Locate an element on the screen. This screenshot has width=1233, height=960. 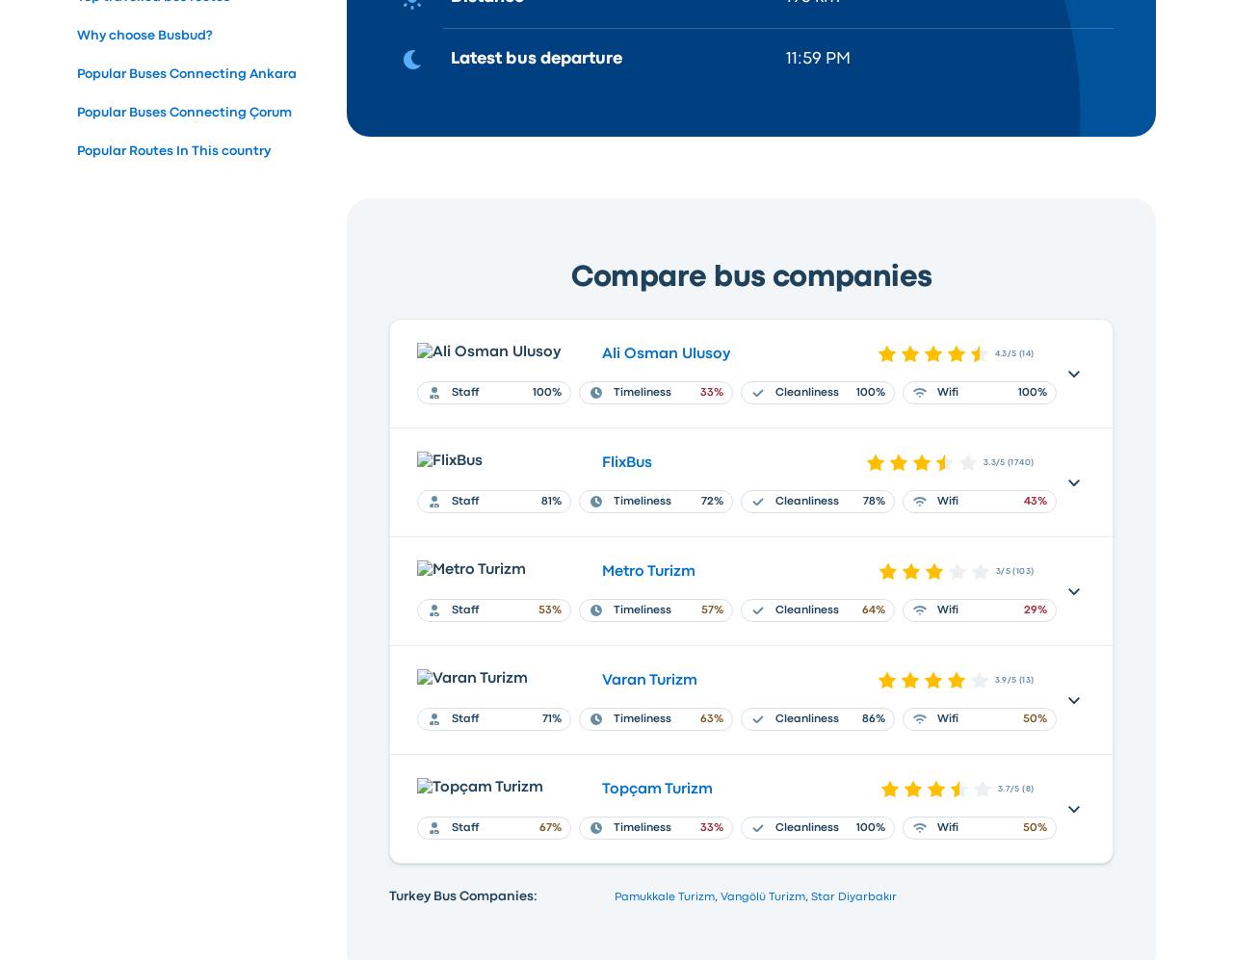
'81' is located at coordinates (539, 500).